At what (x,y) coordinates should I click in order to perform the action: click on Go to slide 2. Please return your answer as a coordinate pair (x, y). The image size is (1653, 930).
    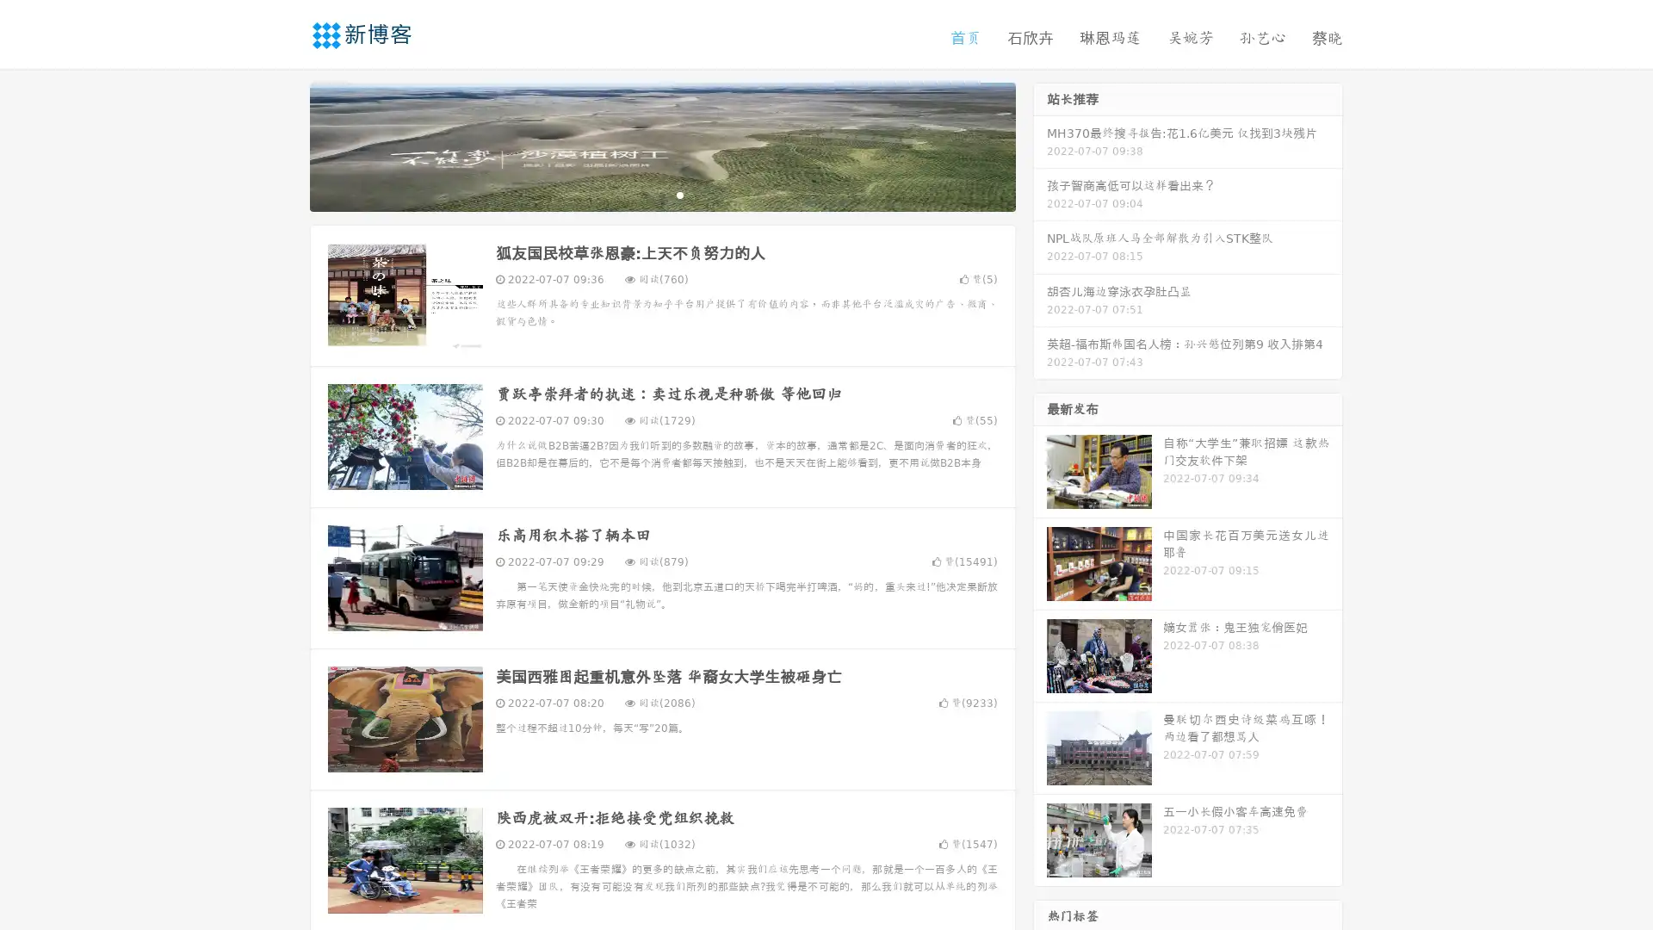
    Looking at the image, I should click on (661, 194).